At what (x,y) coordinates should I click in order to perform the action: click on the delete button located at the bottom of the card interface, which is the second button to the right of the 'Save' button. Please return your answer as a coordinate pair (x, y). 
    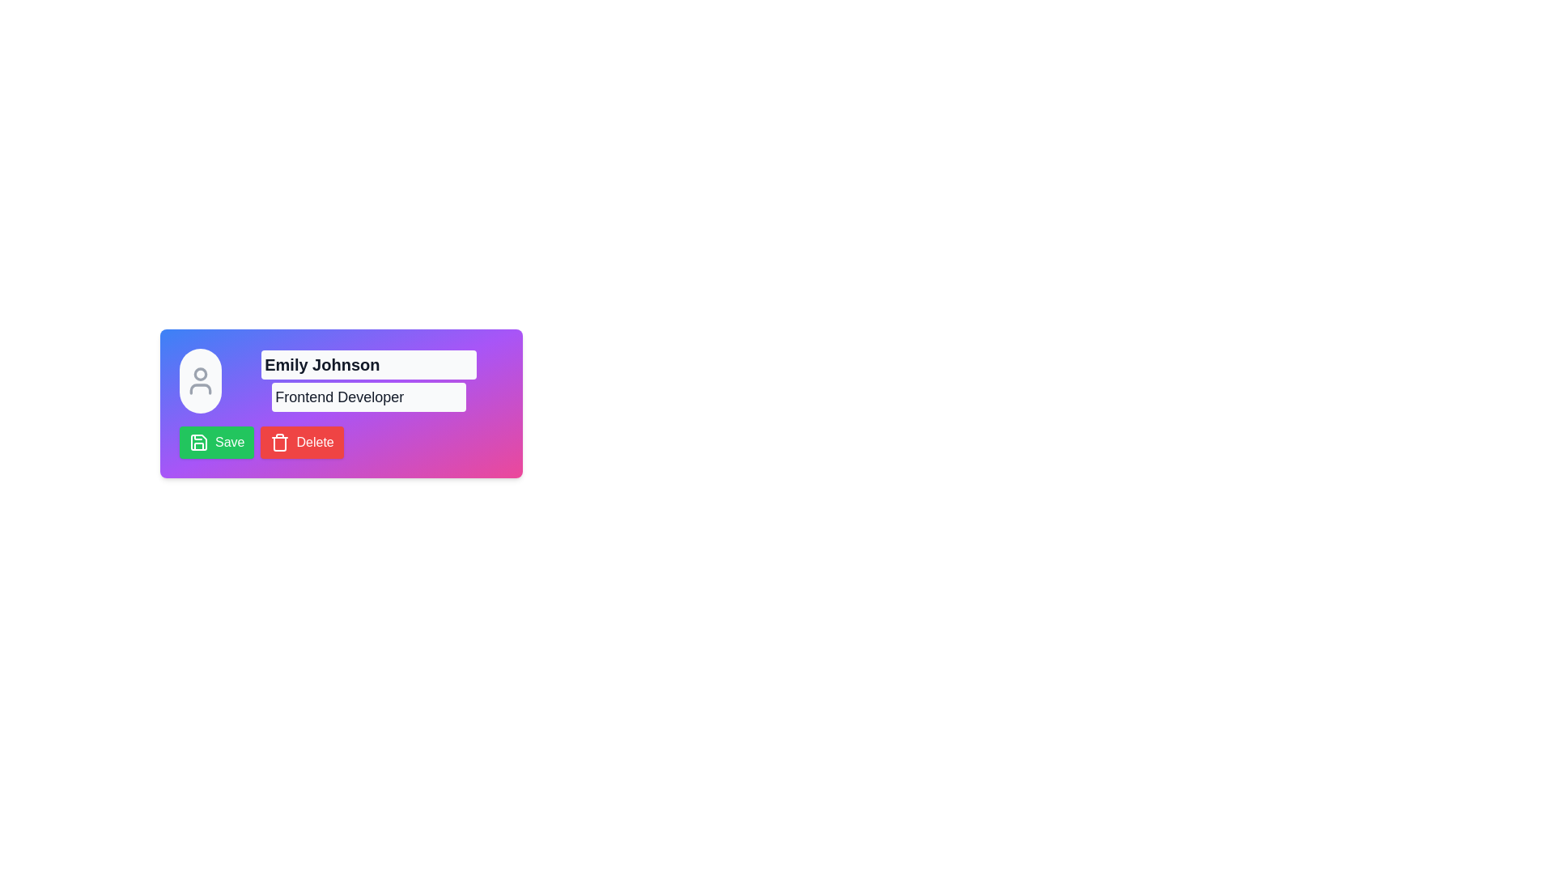
    Looking at the image, I should click on (341, 443).